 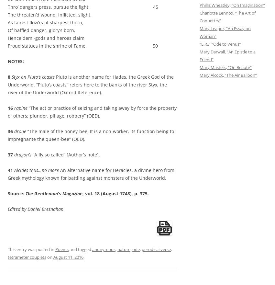 What do you see at coordinates (65, 154) in the screenshot?
I see `'“A fly so called” [Author’s note].'` at bounding box center [65, 154].